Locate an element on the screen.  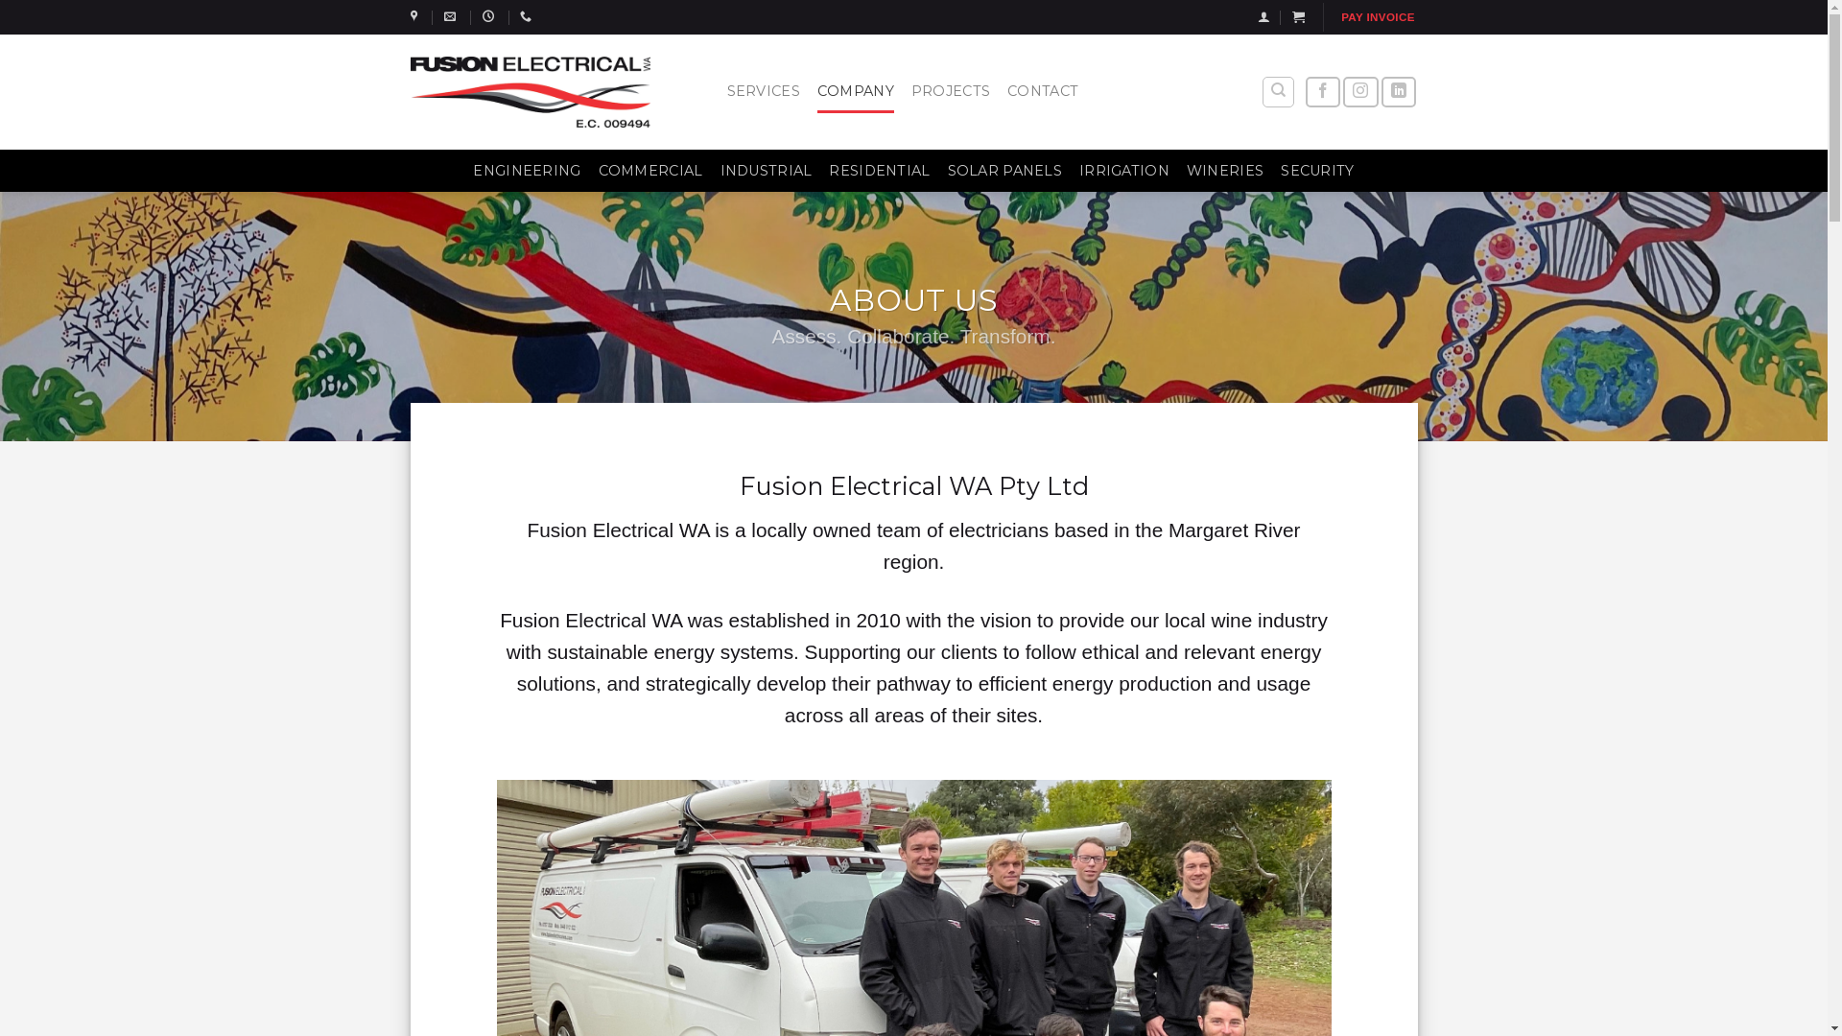
'SERVICES' is located at coordinates (763, 91).